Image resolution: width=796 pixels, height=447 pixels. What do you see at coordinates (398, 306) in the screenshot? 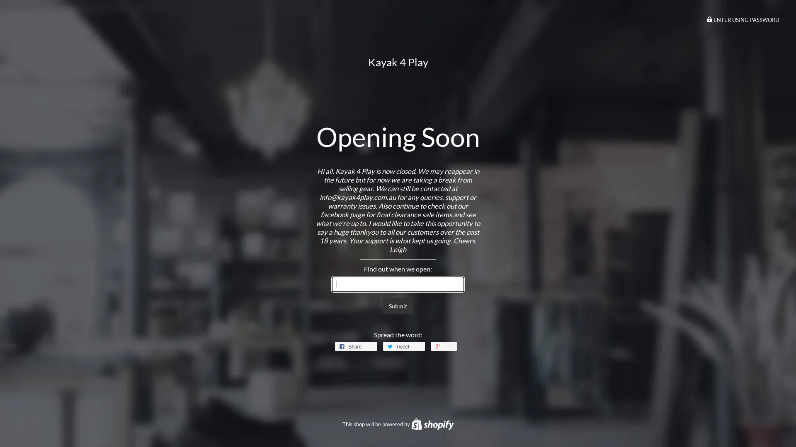
I see `'Submit'` at bounding box center [398, 306].